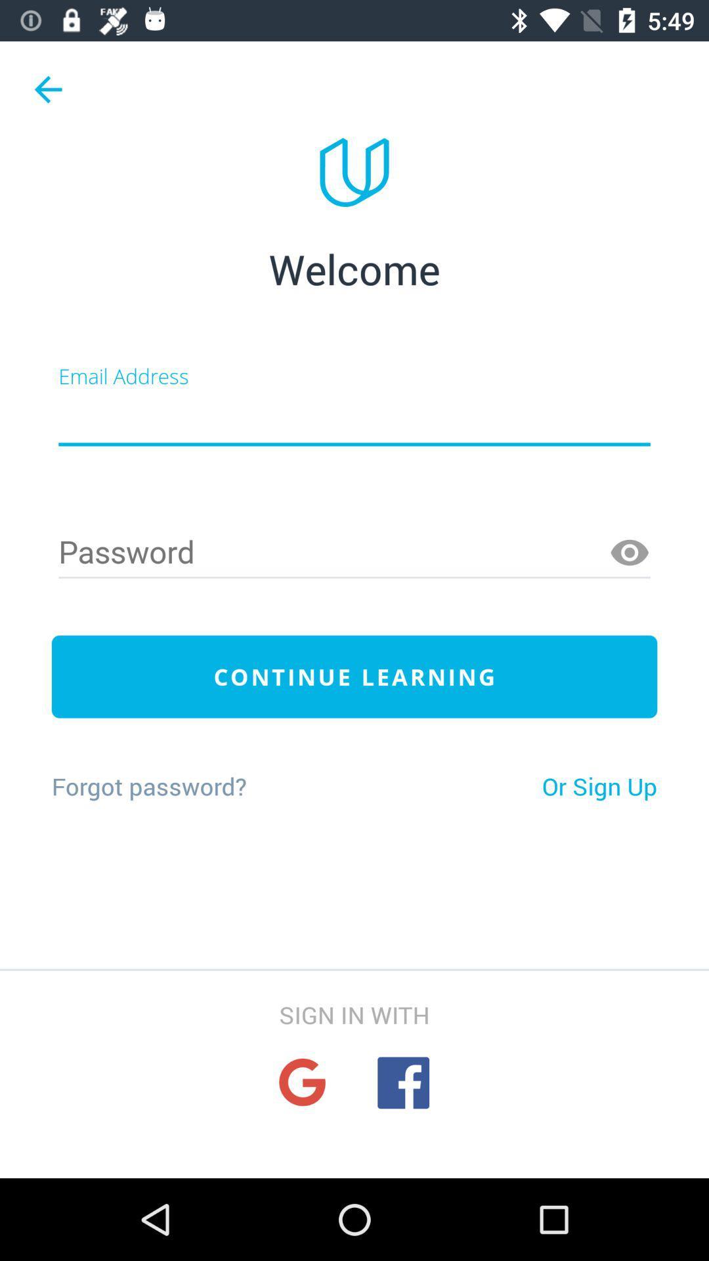 This screenshot has width=709, height=1261. I want to click on the visibility icon, so click(629, 553).